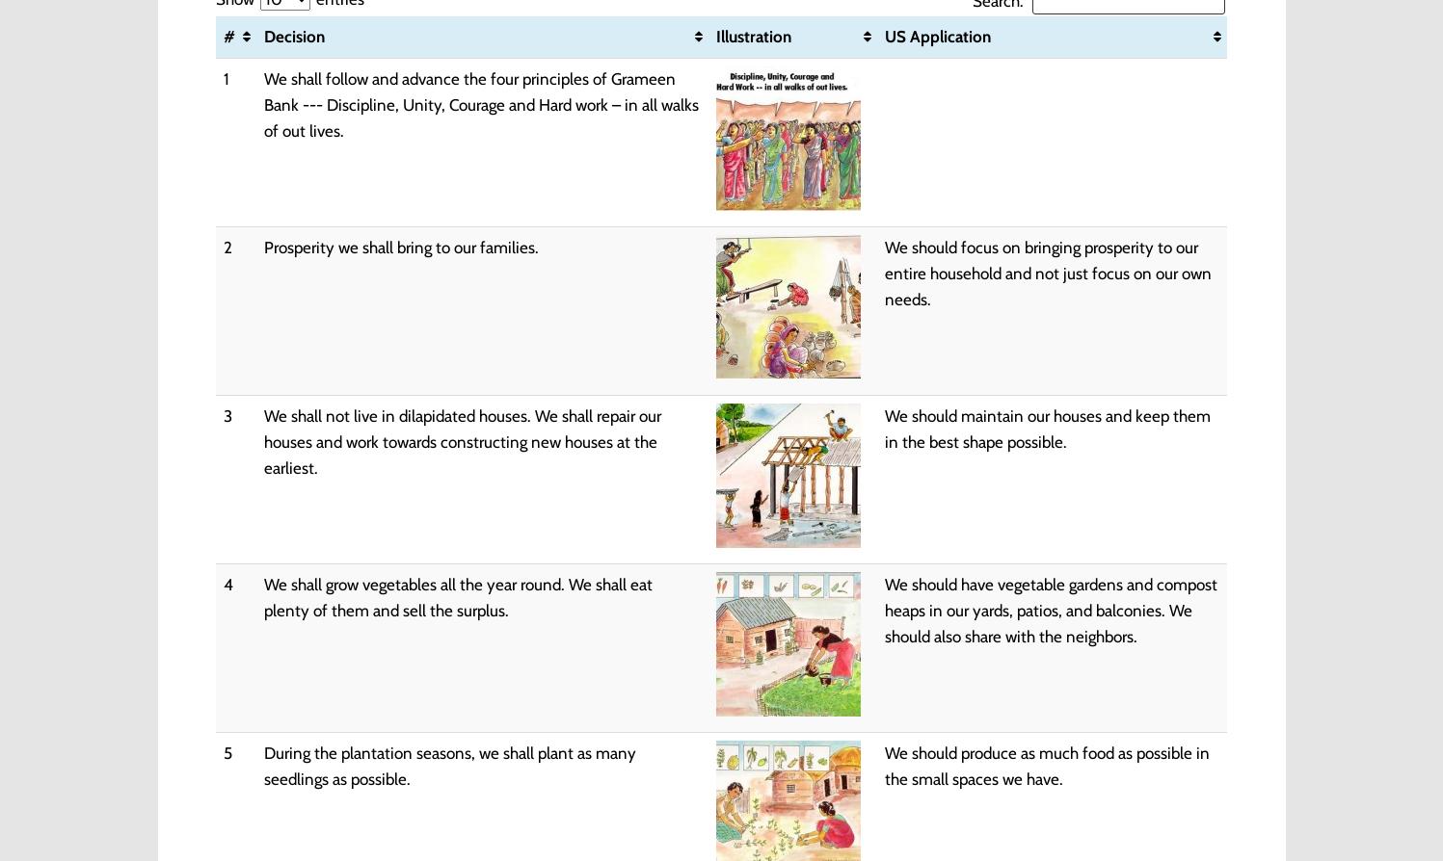  What do you see at coordinates (1046, 427) in the screenshot?
I see `'We should maintain our houses and keep them in the best shape possible.'` at bounding box center [1046, 427].